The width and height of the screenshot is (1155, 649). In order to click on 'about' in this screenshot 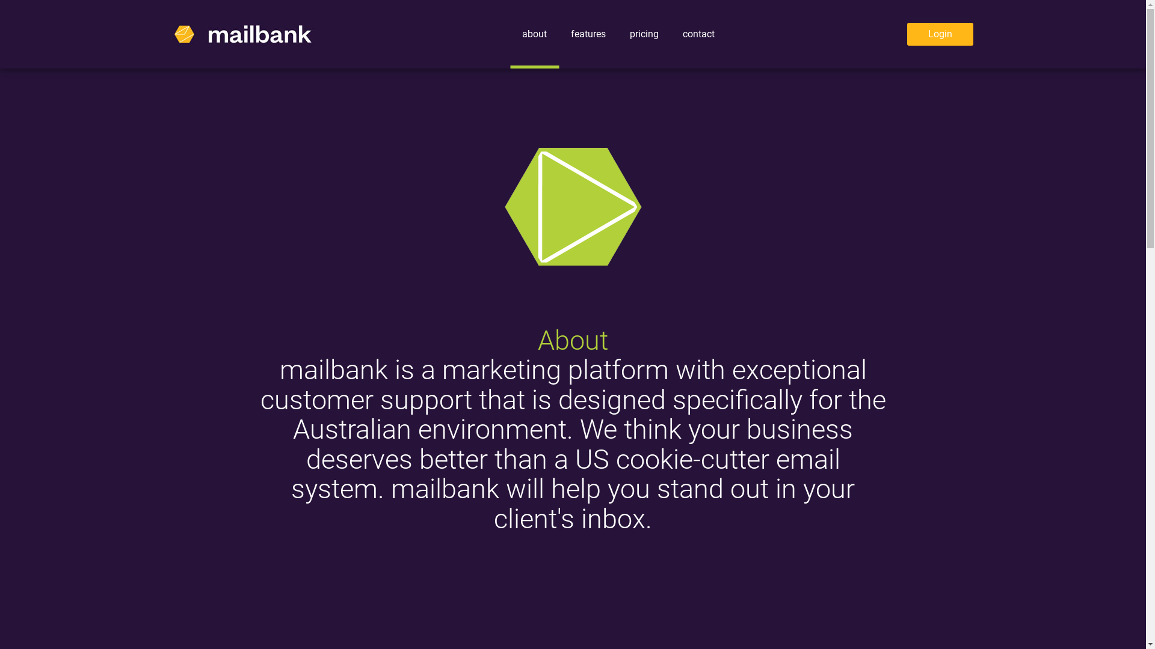, I will do `click(534, 34)`.